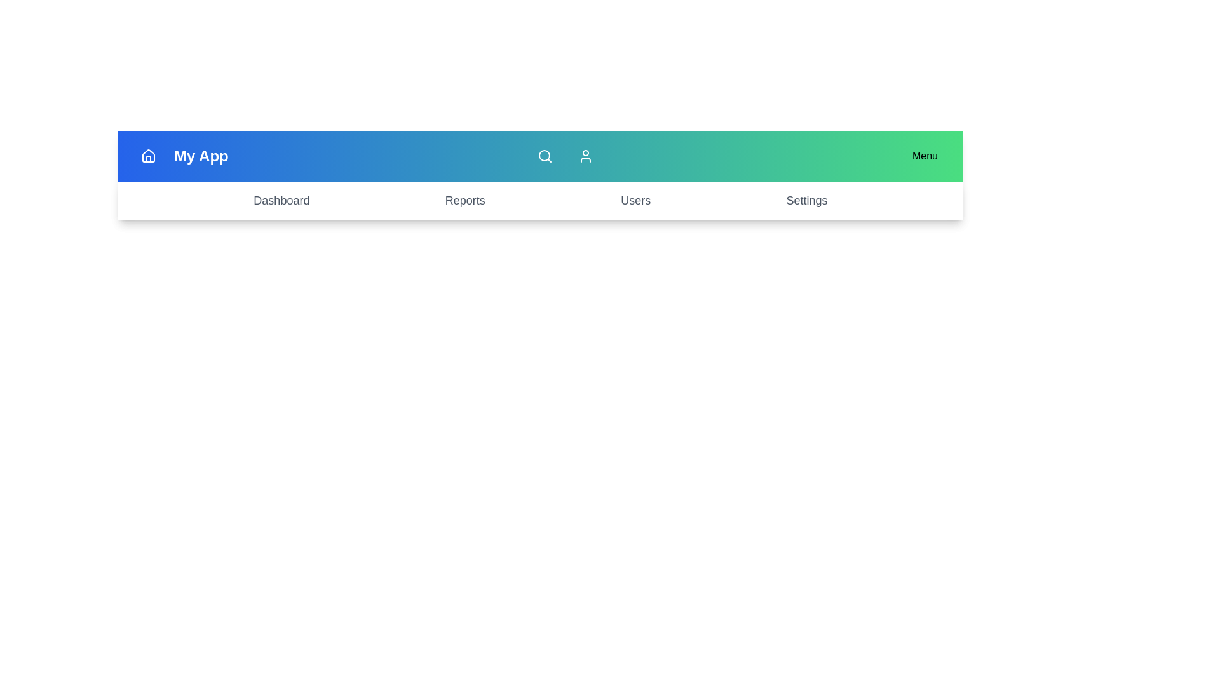  I want to click on the 'Menu' button to toggle the additional menu, so click(925, 156).